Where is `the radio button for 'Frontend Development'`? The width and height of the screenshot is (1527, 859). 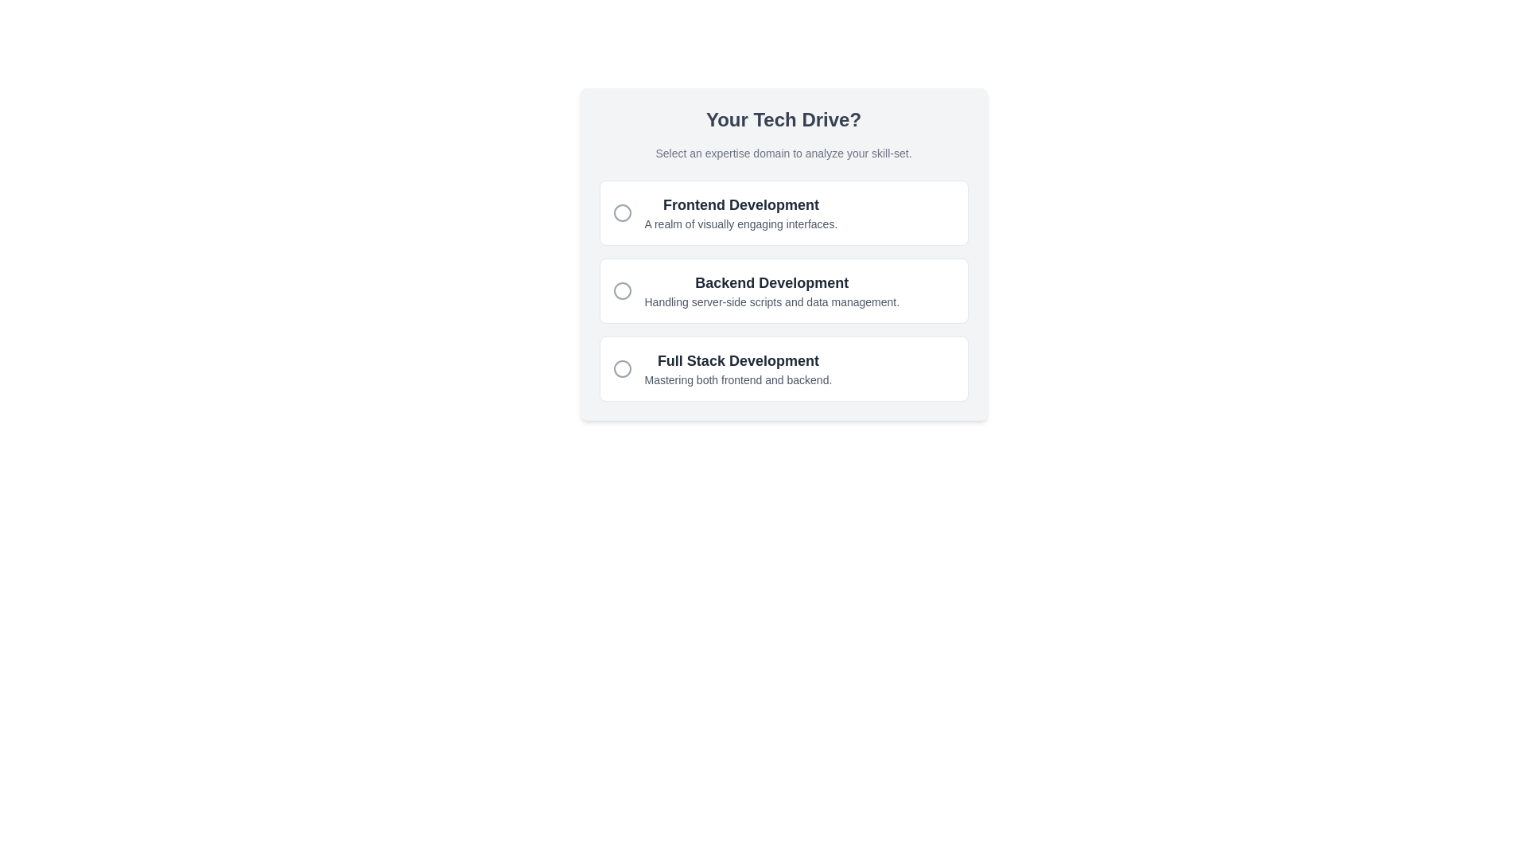
the radio button for 'Frontend Development' is located at coordinates (621, 212).